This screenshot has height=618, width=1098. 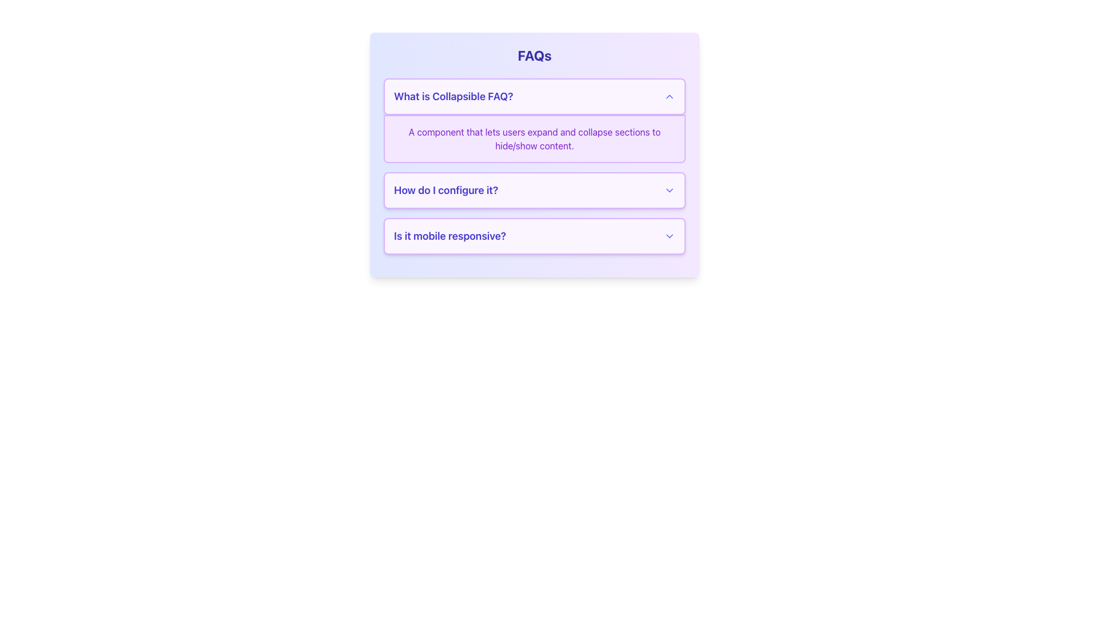 I want to click on the main heading element located at the top center of the layout, which serves as the introduction to the section's purpose, so click(x=534, y=55).